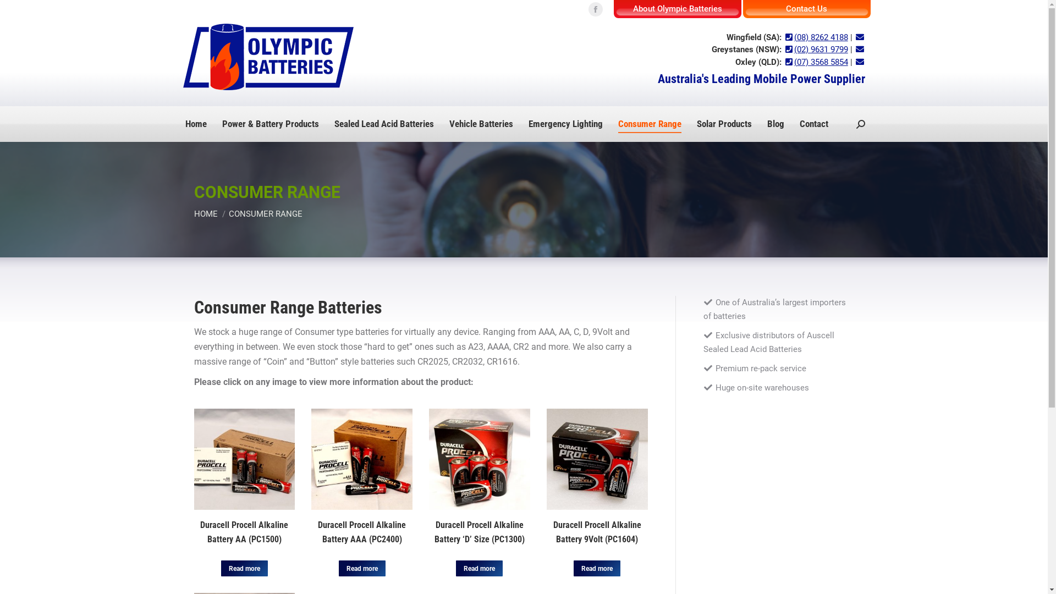 The height and width of the screenshot is (594, 1056). What do you see at coordinates (650, 124) in the screenshot?
I see `'Consumer Range'` at bounding box center [650, 124].